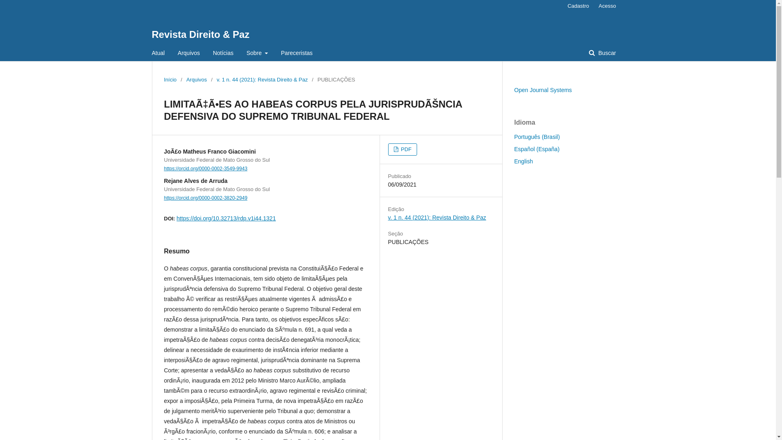  What do you see at coordinates (188, 53) in the screenshot?
I see `'Arquivos'` at bounding box center [188, 53].